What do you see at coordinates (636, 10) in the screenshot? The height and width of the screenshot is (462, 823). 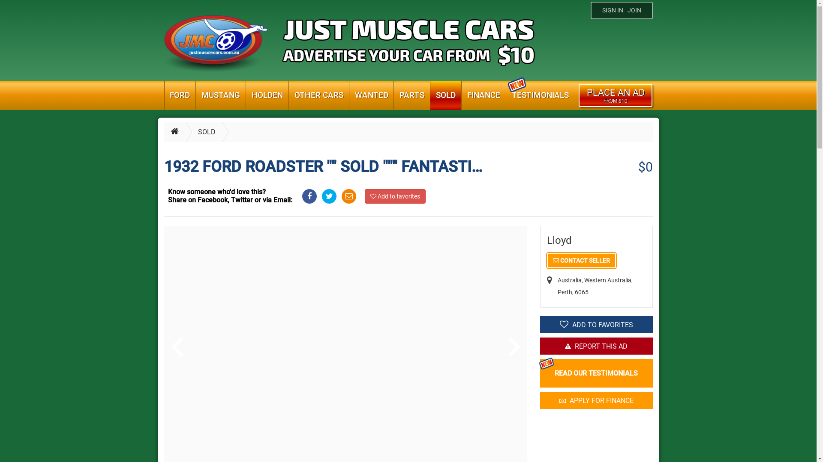 I see `'JOIN'` at bounding box center [636, 10].